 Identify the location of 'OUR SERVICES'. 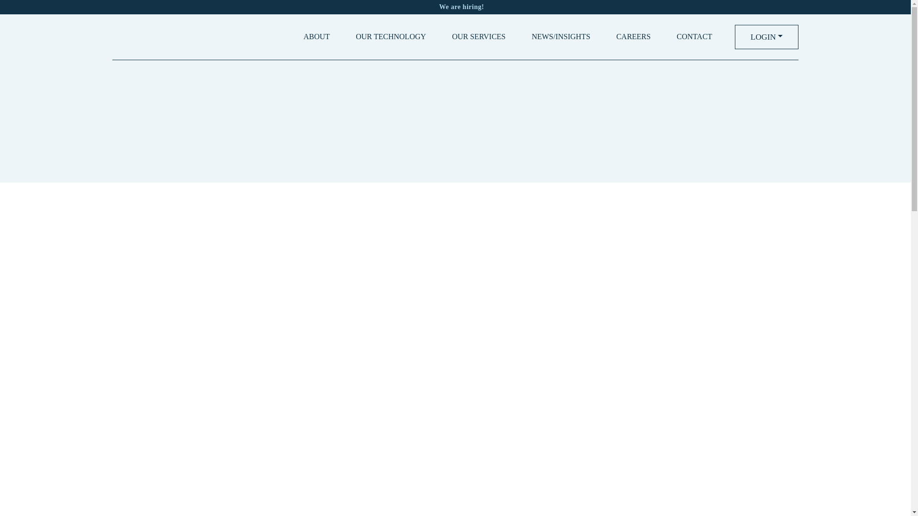
(479, 36).